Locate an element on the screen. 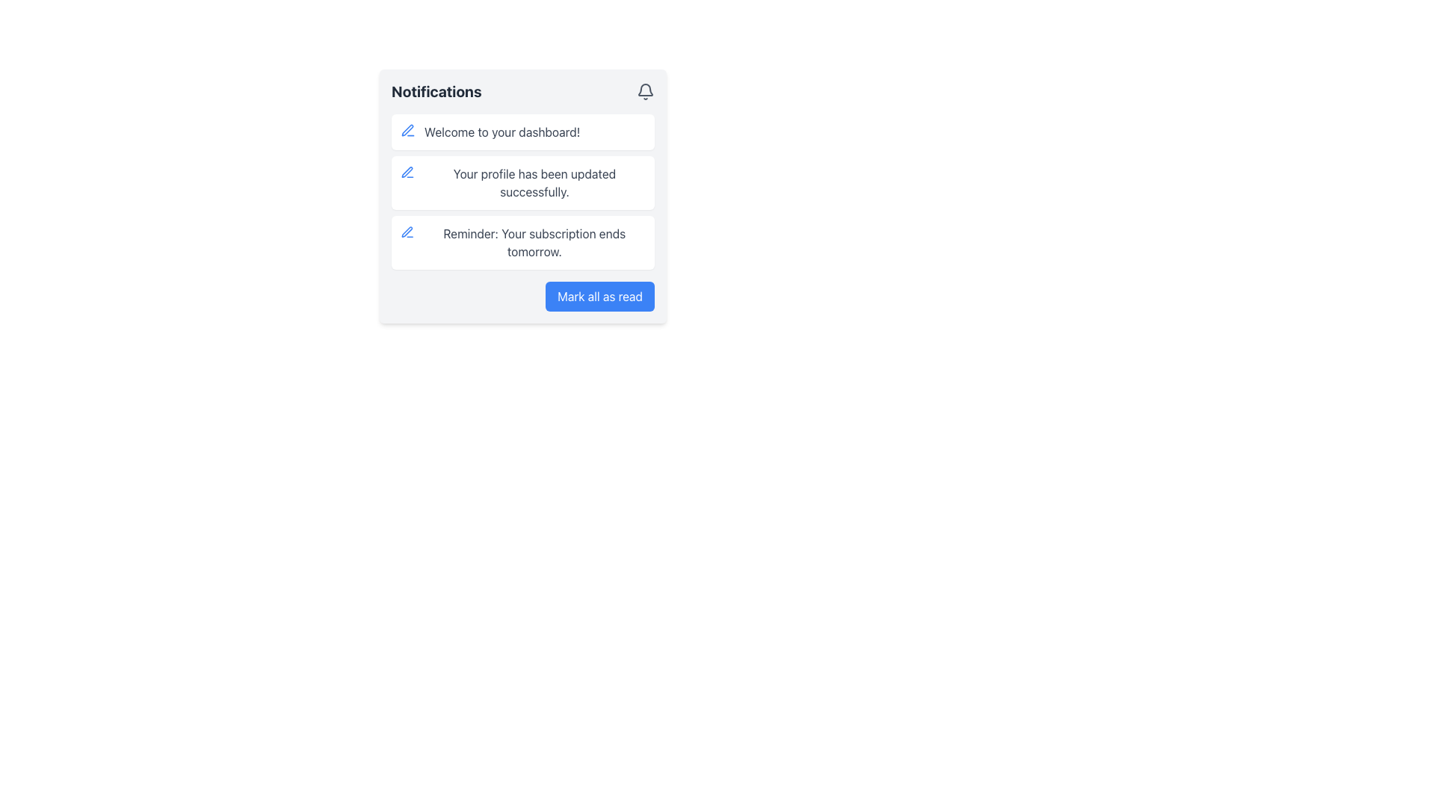  the bold, dark-colored text label reading 'Notifications' located in the top-left corner of the card-like section, adjacent to a notification bell icon is located at coordinates (436, 92).